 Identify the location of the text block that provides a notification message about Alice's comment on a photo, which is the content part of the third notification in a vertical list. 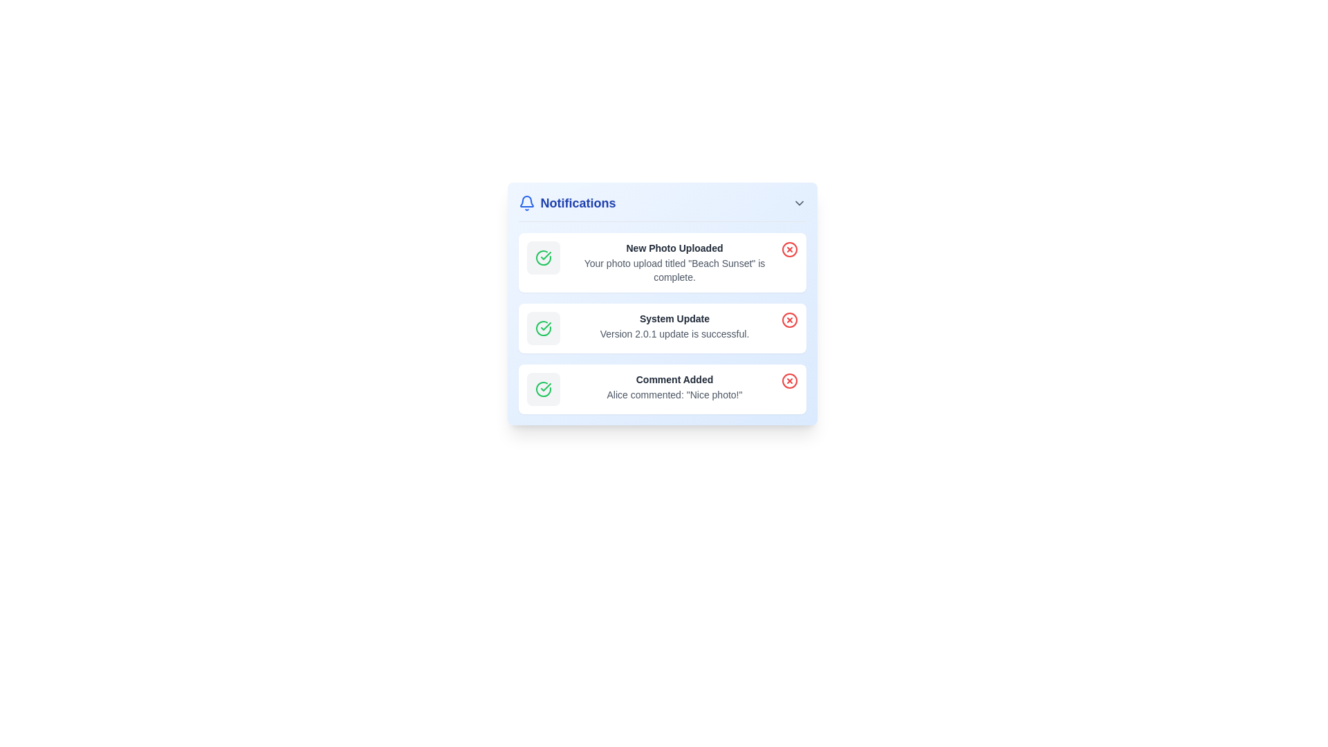
(674, 387).